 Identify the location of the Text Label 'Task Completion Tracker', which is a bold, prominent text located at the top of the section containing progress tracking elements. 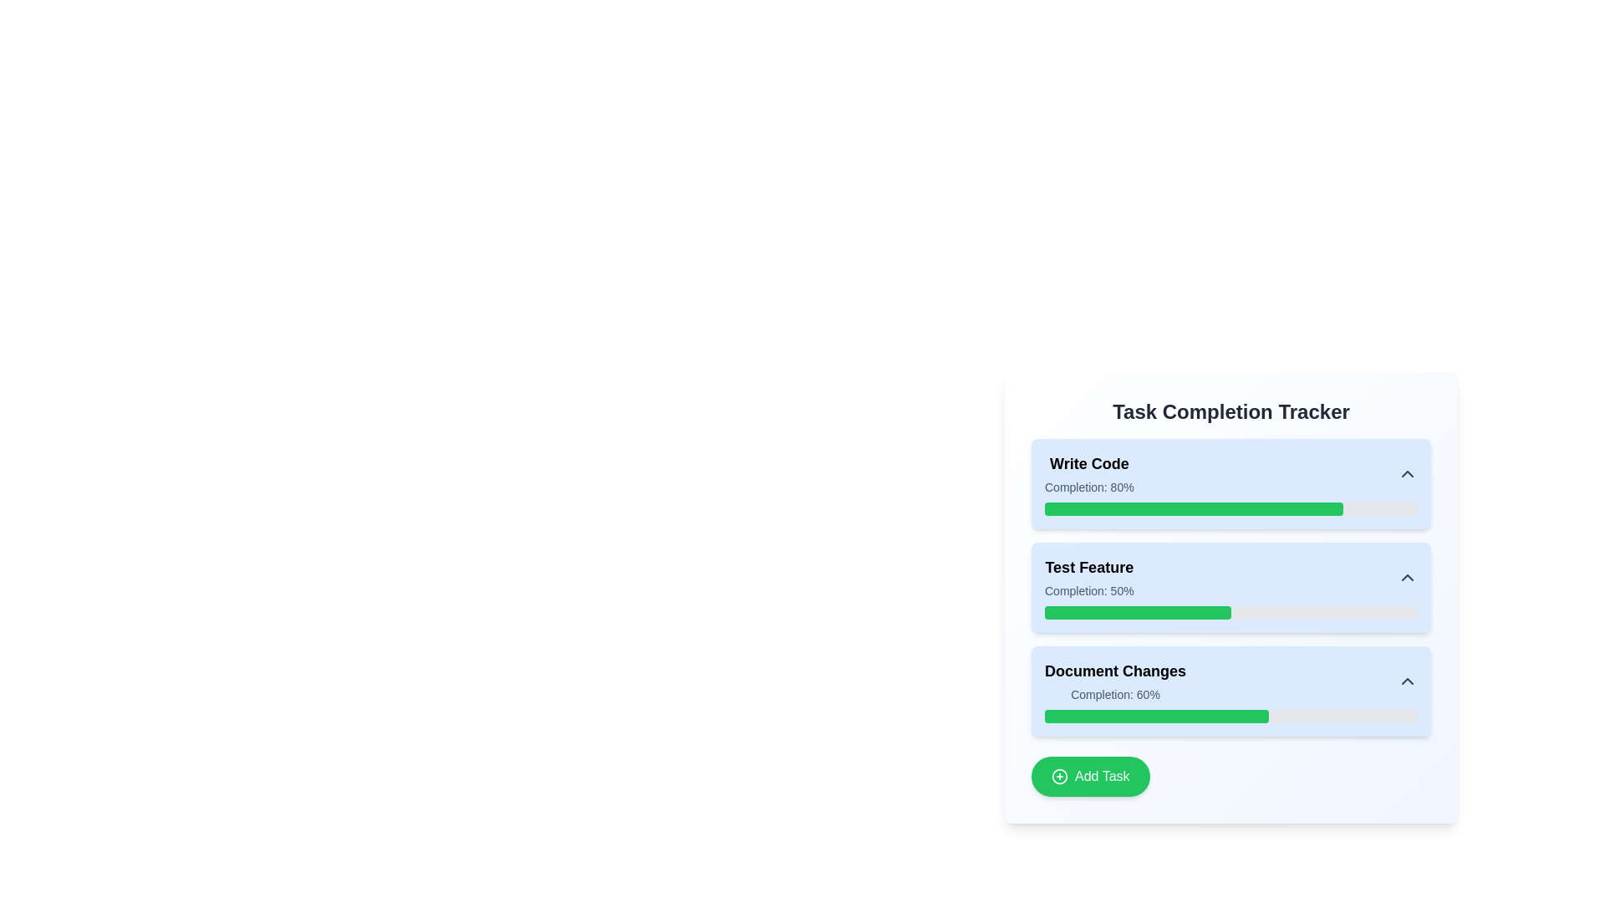
(1231, 412).